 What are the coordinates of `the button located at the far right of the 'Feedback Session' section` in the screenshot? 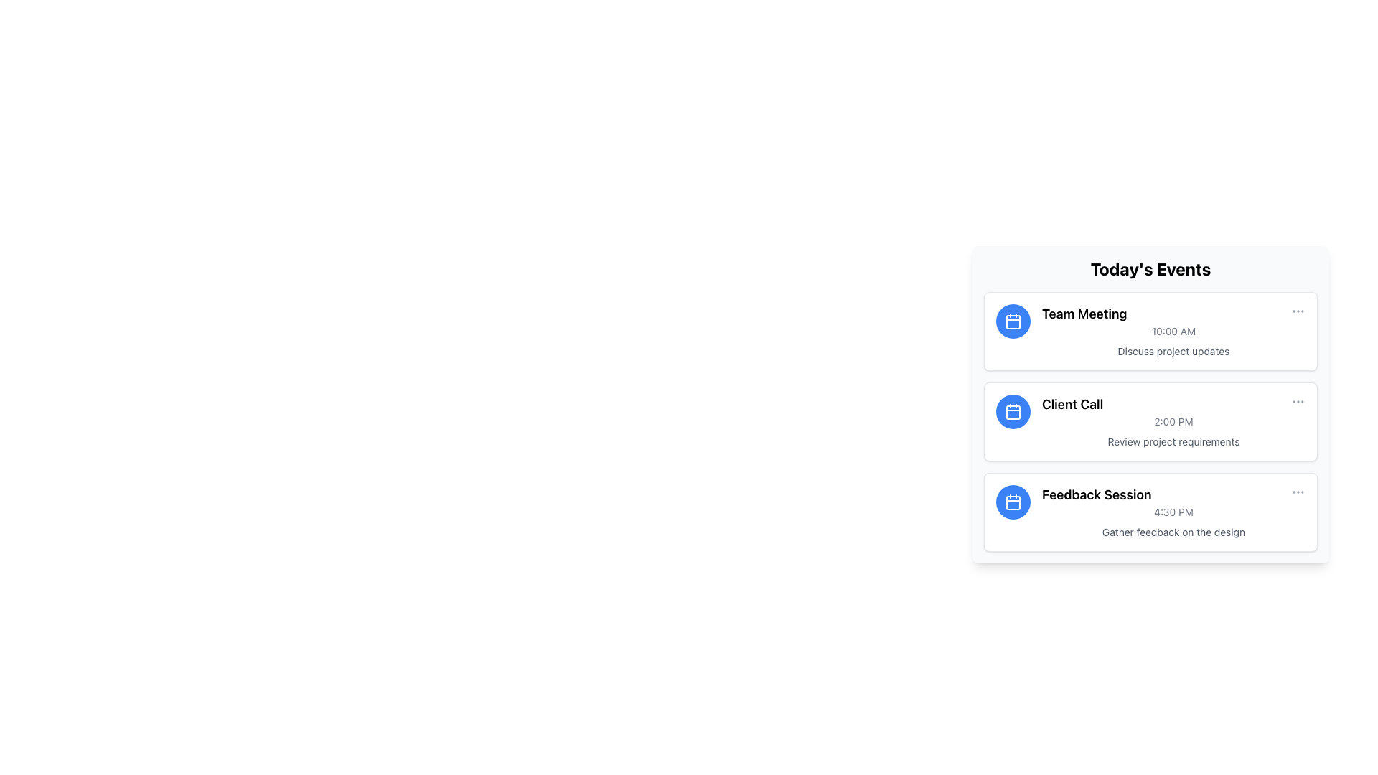 It's located at (1298, 492).